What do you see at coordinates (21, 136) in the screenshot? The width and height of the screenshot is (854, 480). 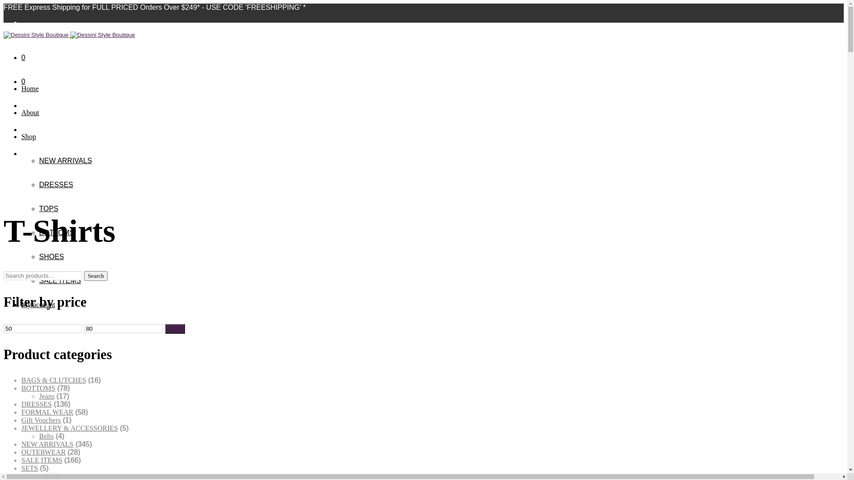 I see `'Shop'` at bounding box center [21, 136].